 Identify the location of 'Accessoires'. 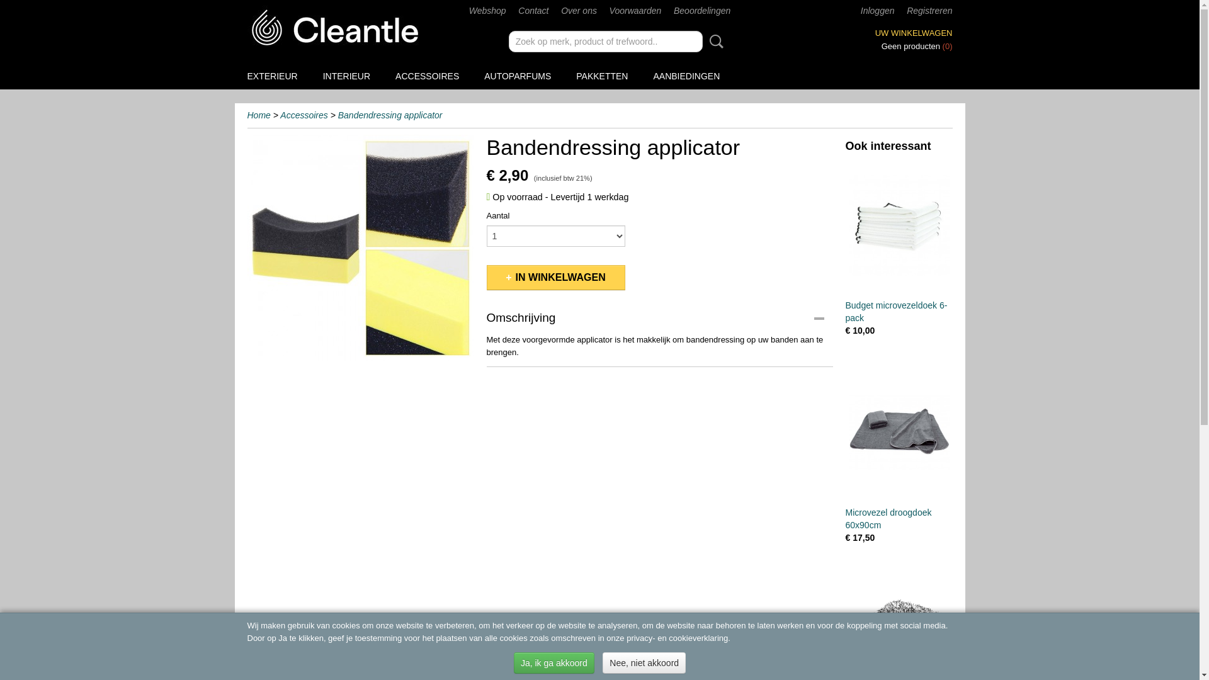
(304, 115).